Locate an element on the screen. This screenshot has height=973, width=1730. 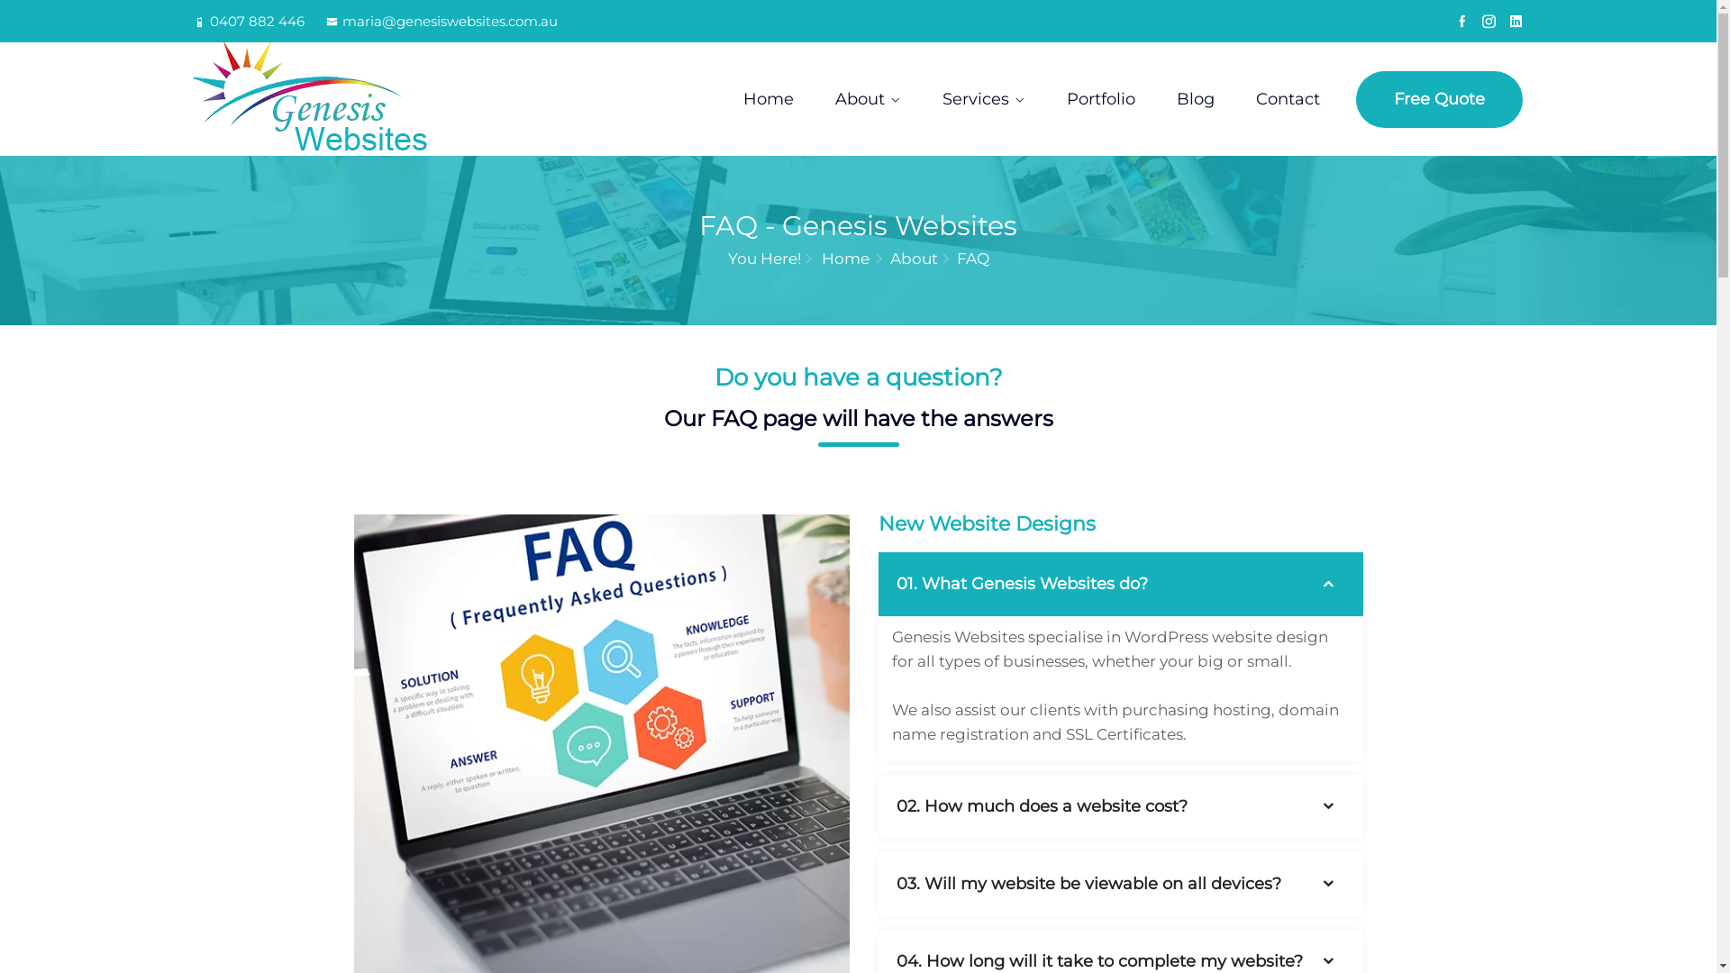
'Services' is located at coordinates (942, 99).